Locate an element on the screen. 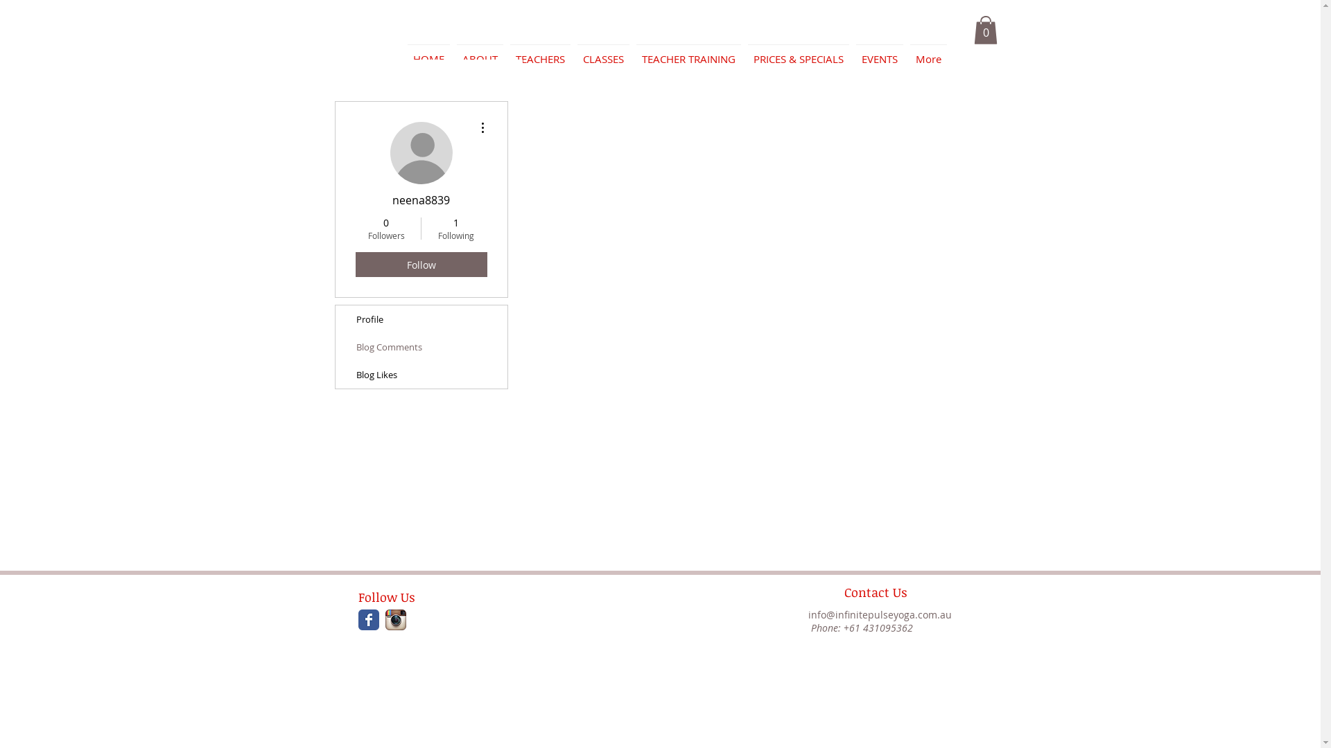 The height and width of the screenshot is (748, 1331). 'TEACHER TRAINING' is located at coordinates (688, 52).